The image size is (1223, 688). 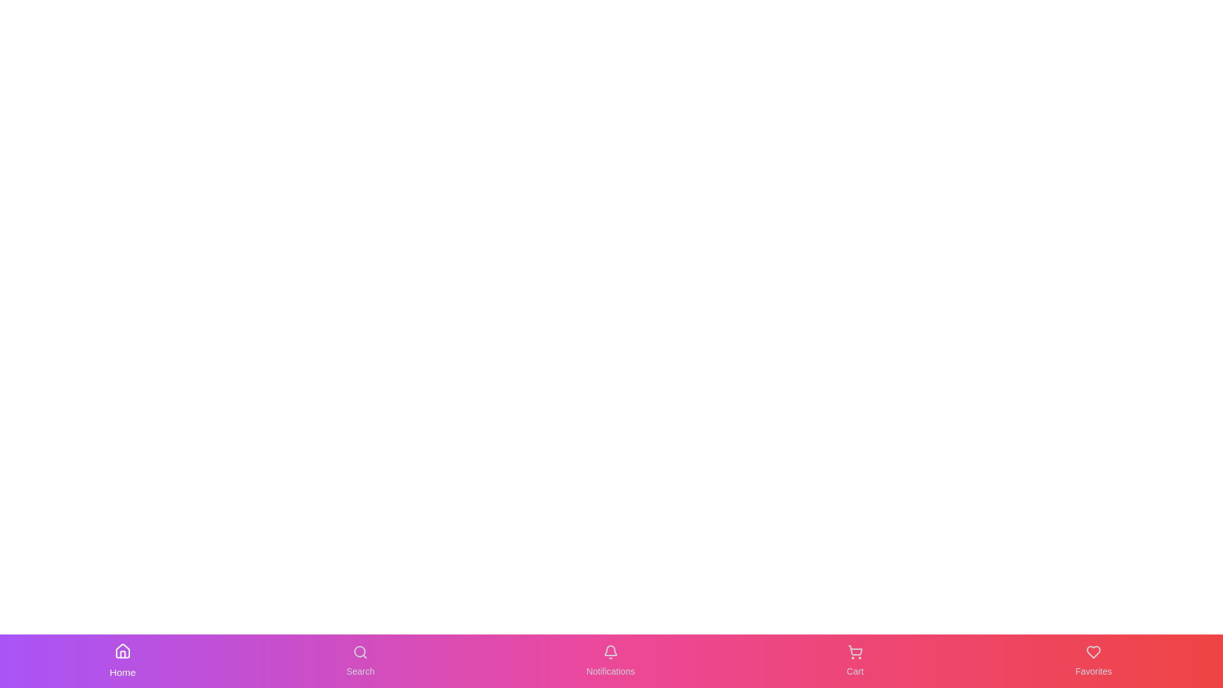 I want to click on the Search button to navigate to the corresponding section, so click(x=360, y=660).